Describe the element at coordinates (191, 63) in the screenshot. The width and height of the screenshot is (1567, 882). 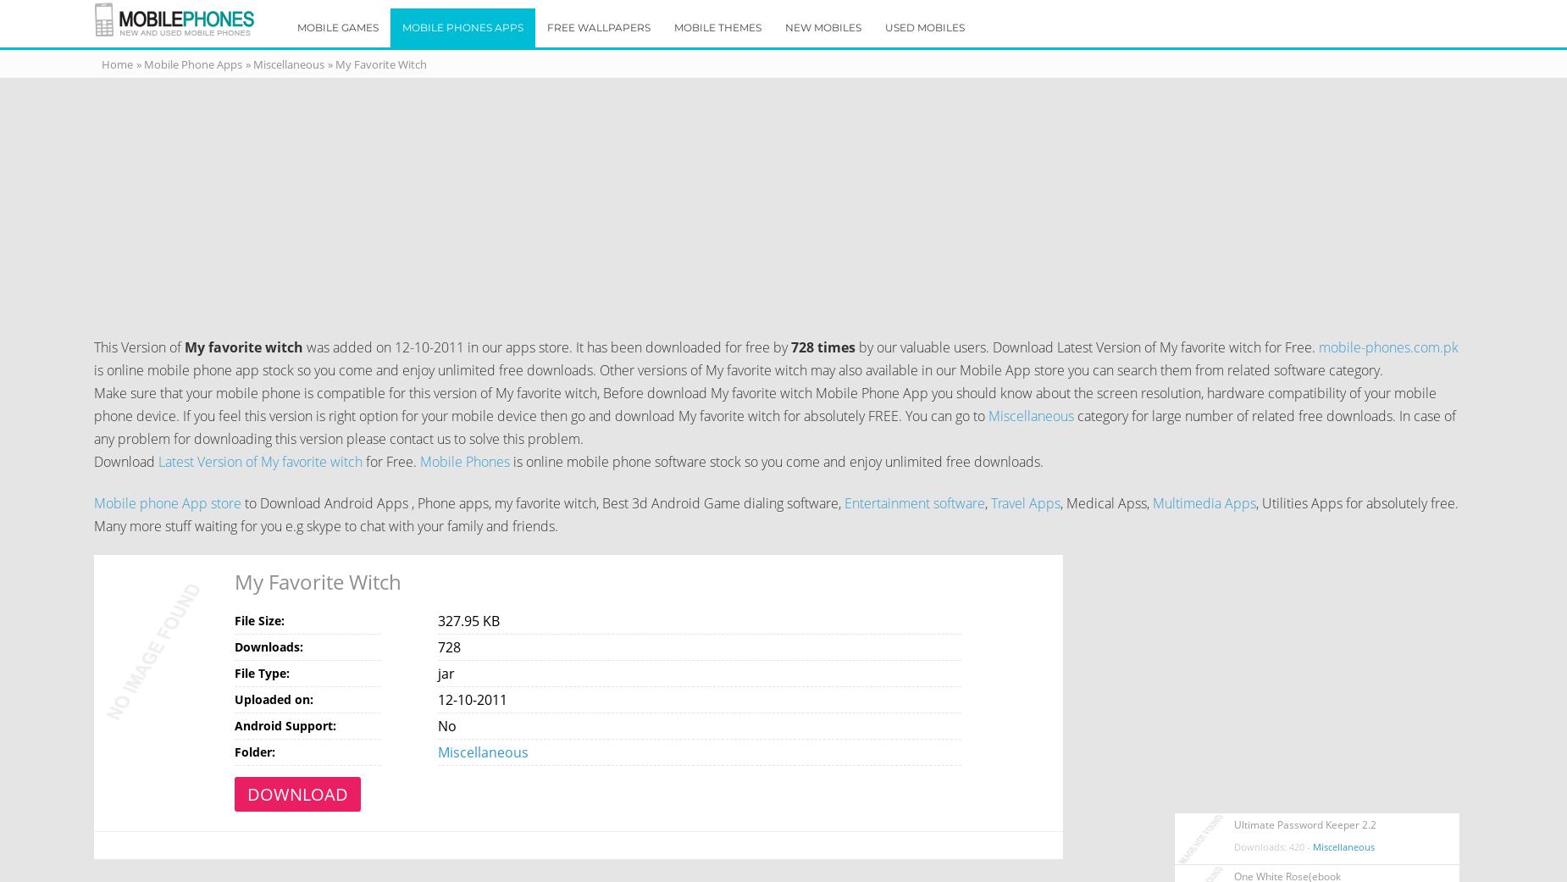
I see `'Mobile Phone Apps'` at that location.